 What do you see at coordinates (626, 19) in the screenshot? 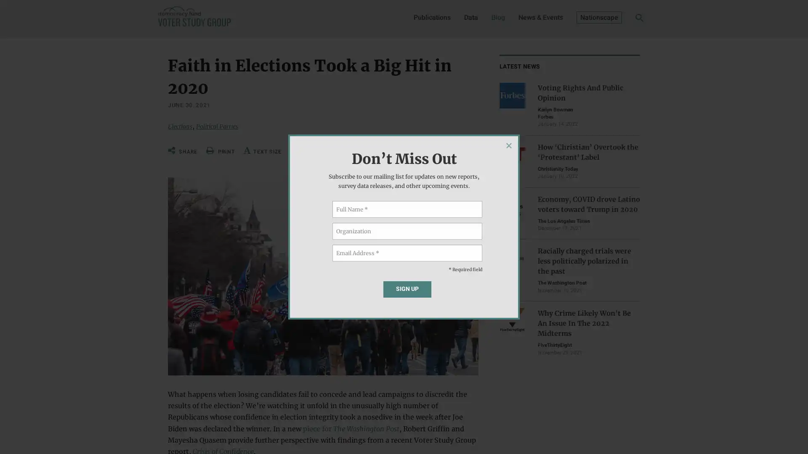
I see `SEARCH` at bounding box center [626, 19].